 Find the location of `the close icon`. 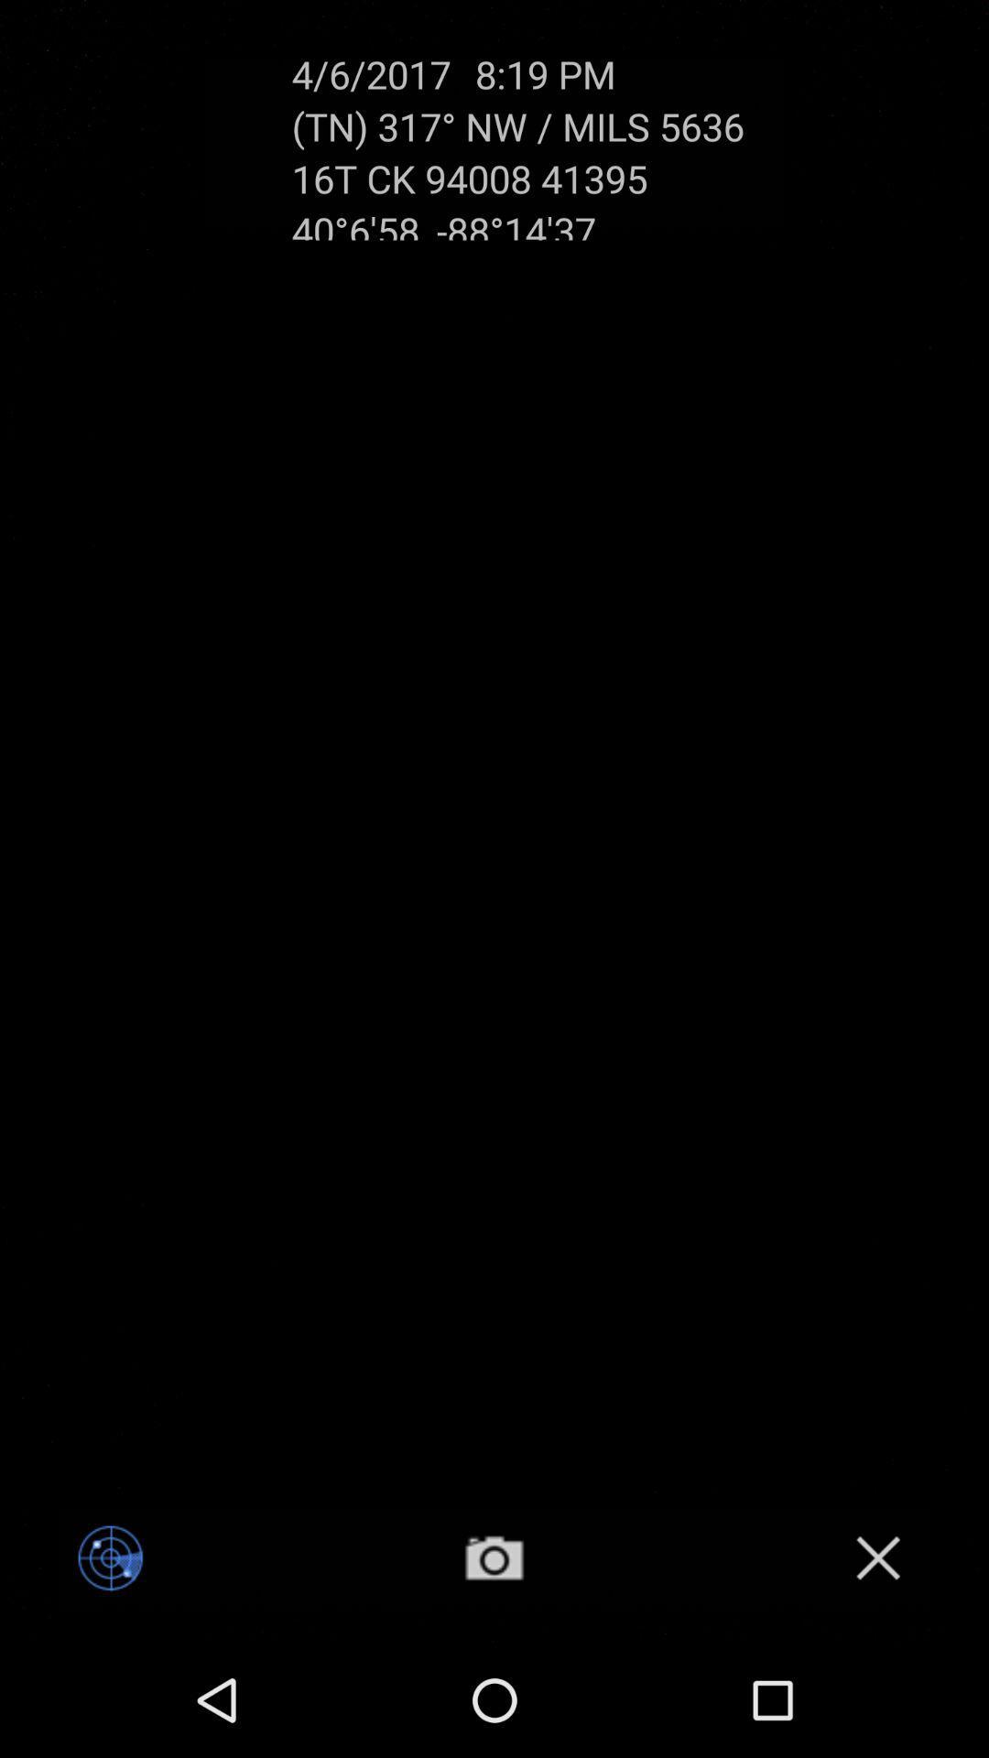

the close icon is located at coordinates (877, 1667).